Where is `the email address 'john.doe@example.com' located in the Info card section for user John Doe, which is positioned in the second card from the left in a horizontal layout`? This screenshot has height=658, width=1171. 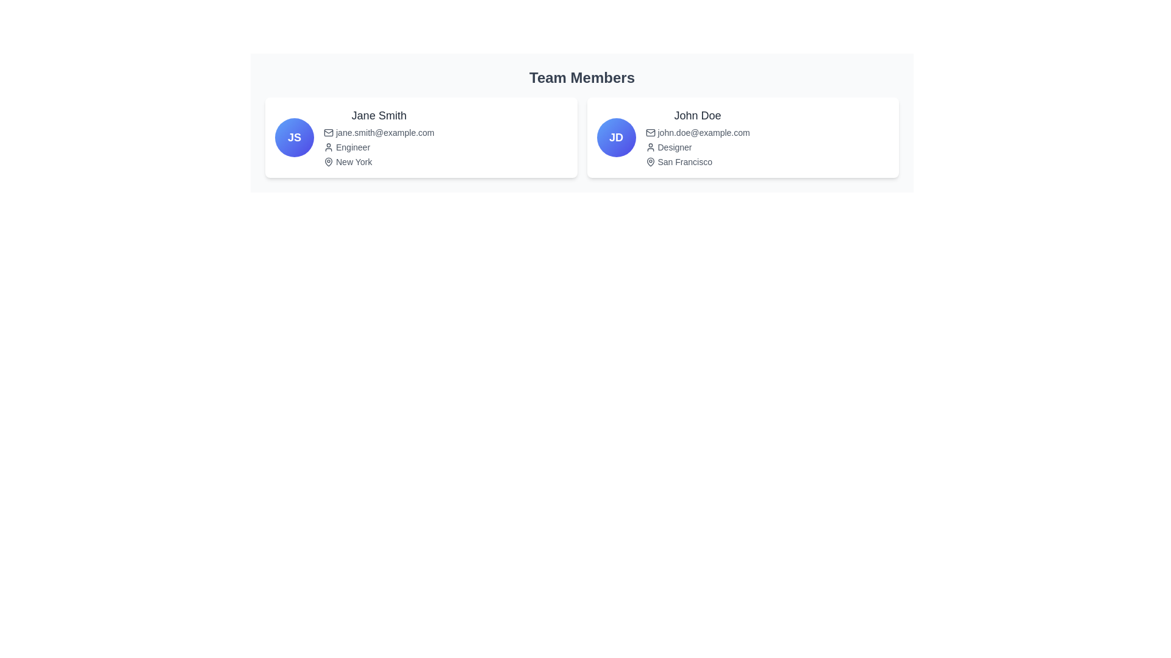
the email address 'john.doe@example.com' located in the Info card section for user John Doe, which is positioned in the second card from the left in a horizontal layout is located at coordinates (698, 137).